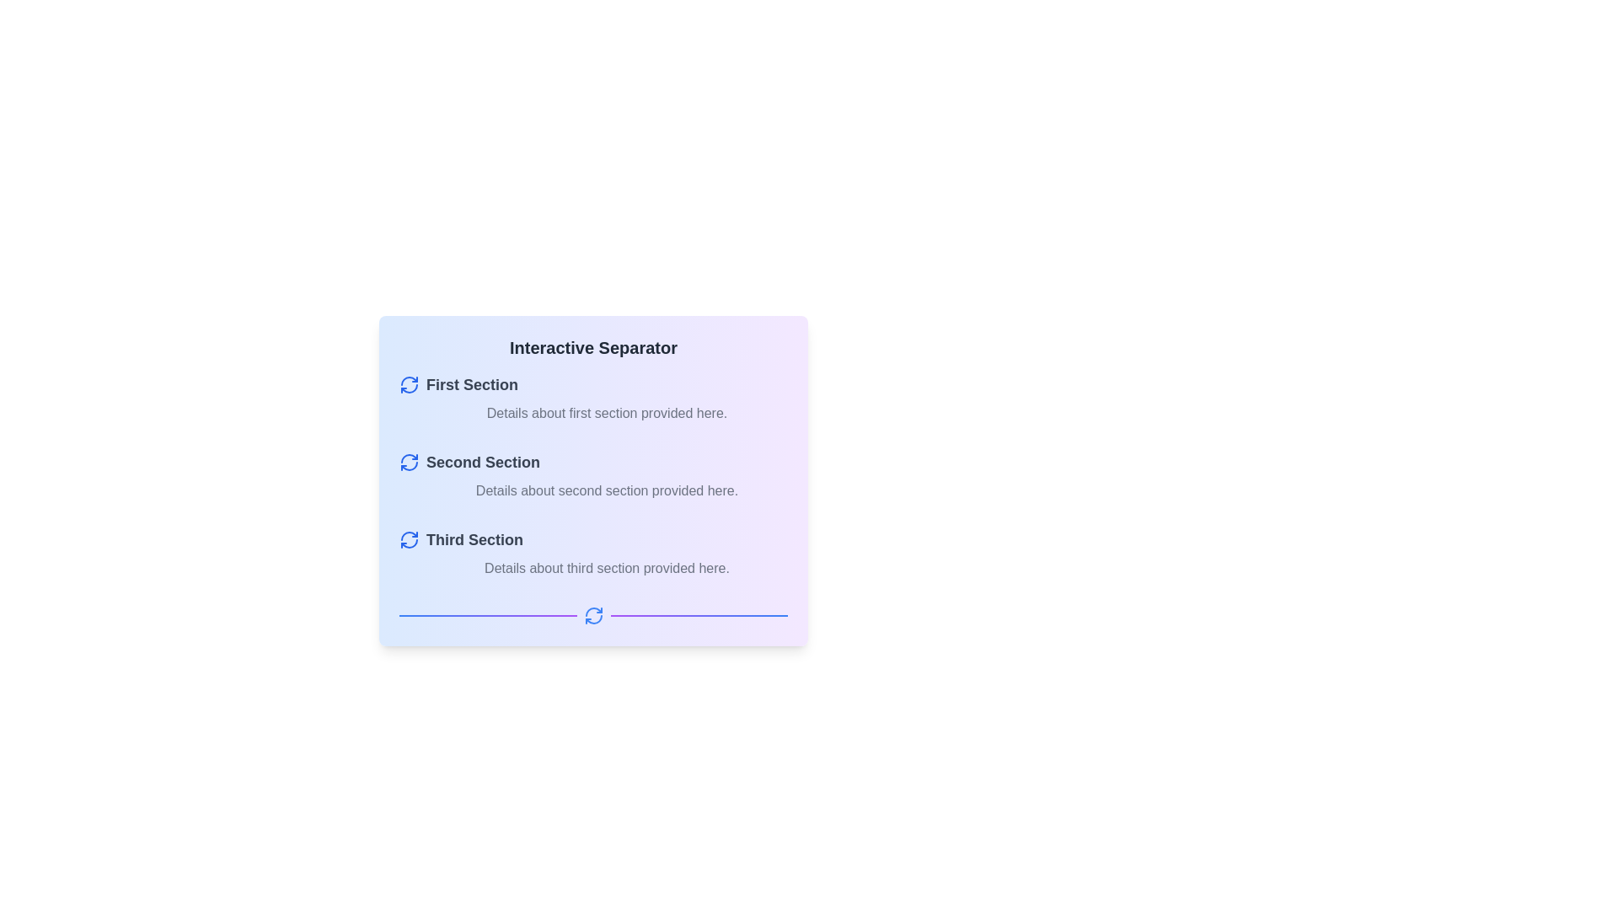  Describe the element at coordinates (607, 413) in the screenshot. I see `the text label that provides a brief description related to the 'First Section' heading, which is positioned directly below it` at that location.